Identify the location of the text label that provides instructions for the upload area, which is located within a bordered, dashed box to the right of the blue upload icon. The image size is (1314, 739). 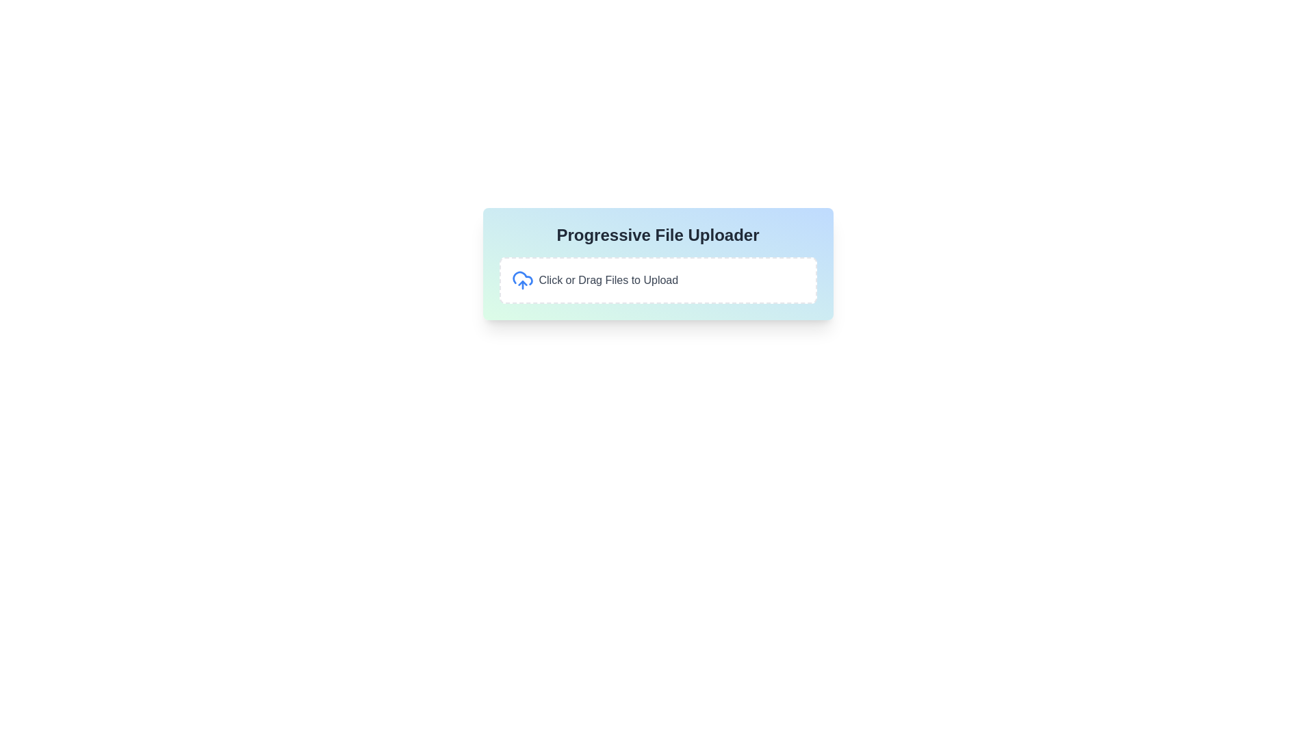
(608, 279).